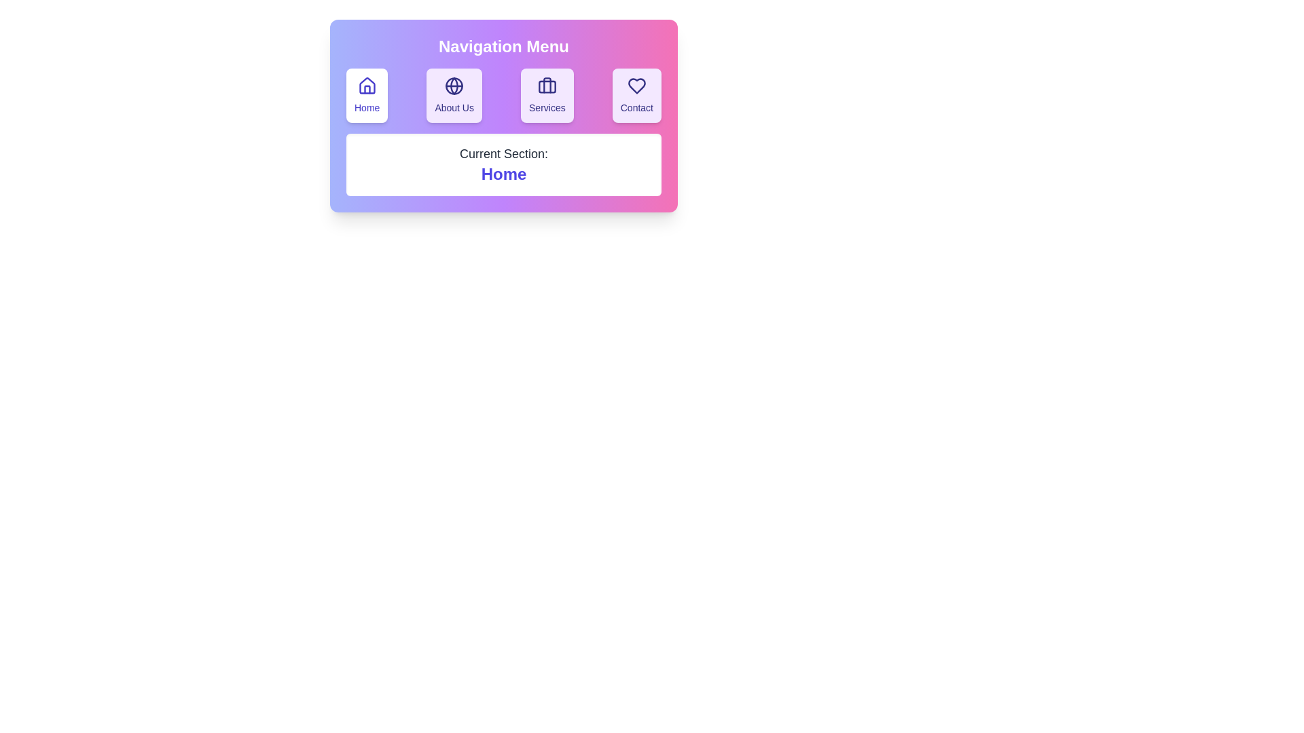 This screenshot has height=733, width=1304. What do you see at coordinates (367, 95) in the screenshot?
I see `the 'Home' button to ensure the current section is displayed` at bounding box center [367, 95].